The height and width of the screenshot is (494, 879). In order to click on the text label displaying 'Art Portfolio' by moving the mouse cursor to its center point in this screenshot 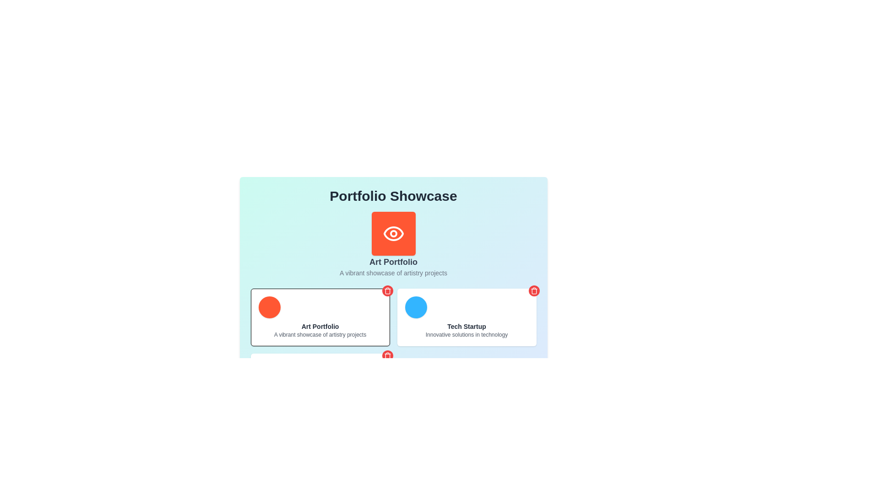, I will do `click(320, 326)`.